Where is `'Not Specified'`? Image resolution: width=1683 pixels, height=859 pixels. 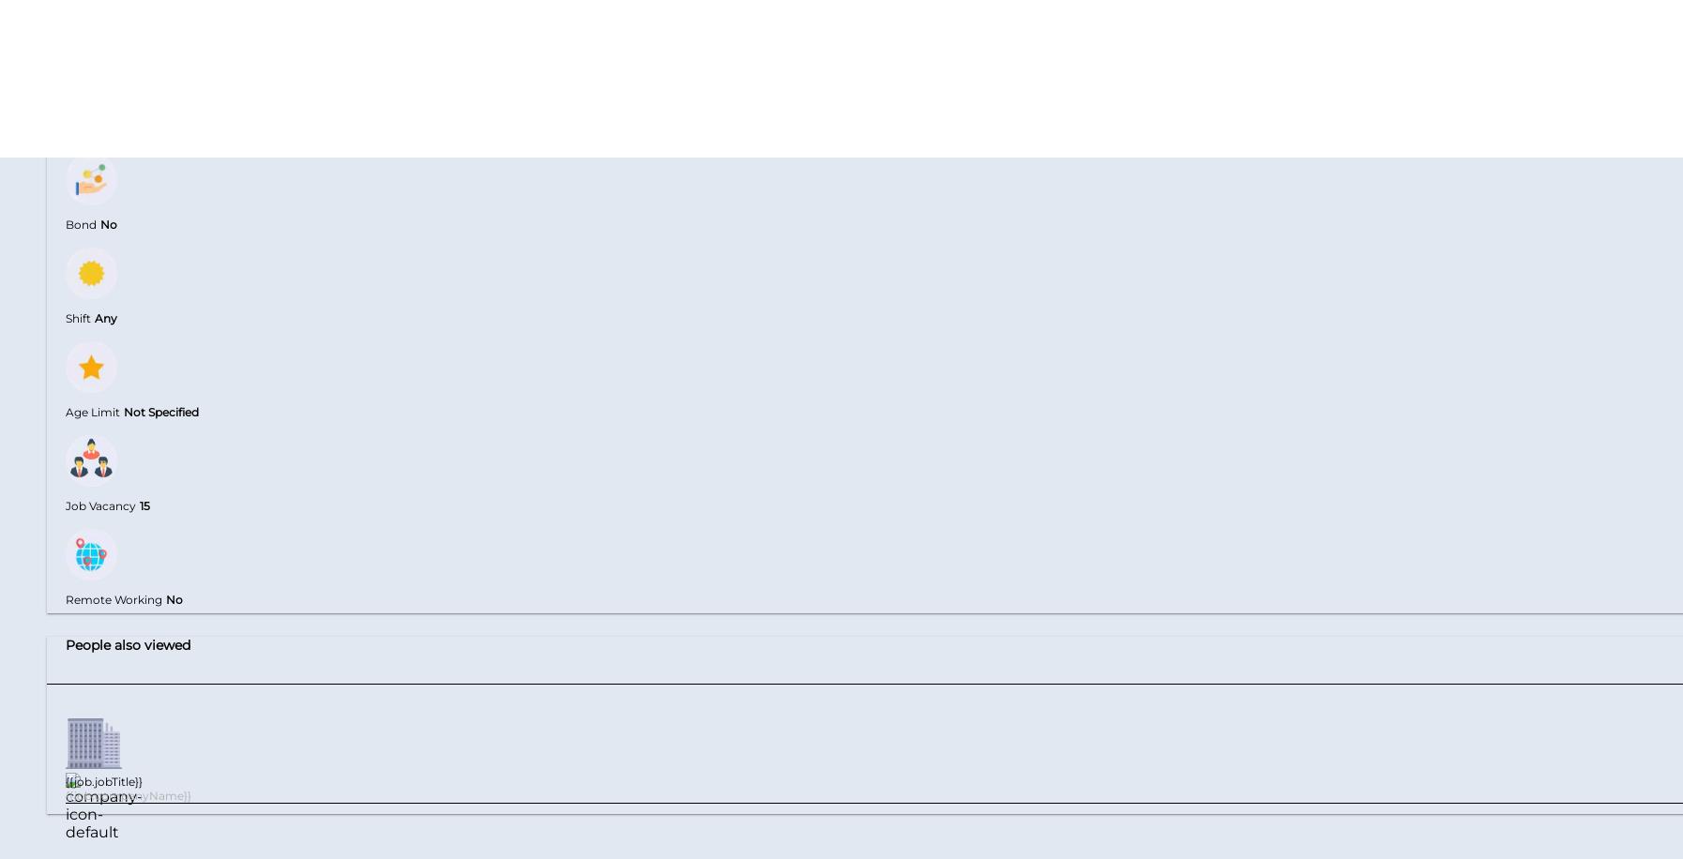 'Not Specified' is located at coordinates (160, 410).